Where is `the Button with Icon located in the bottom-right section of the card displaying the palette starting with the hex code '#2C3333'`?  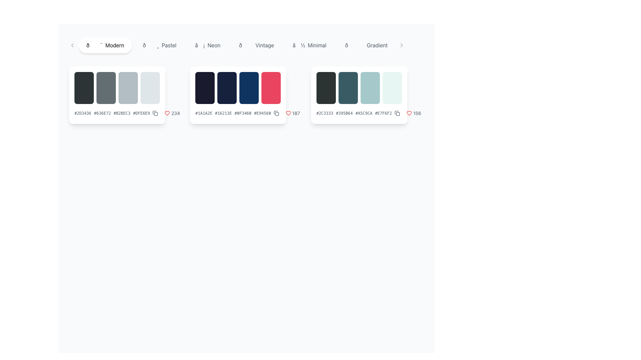
the Button with Icon located in the bottom-right section of the card displaying the palette starting with the hex code '#2C3333' is located at coordinates (397, 113).